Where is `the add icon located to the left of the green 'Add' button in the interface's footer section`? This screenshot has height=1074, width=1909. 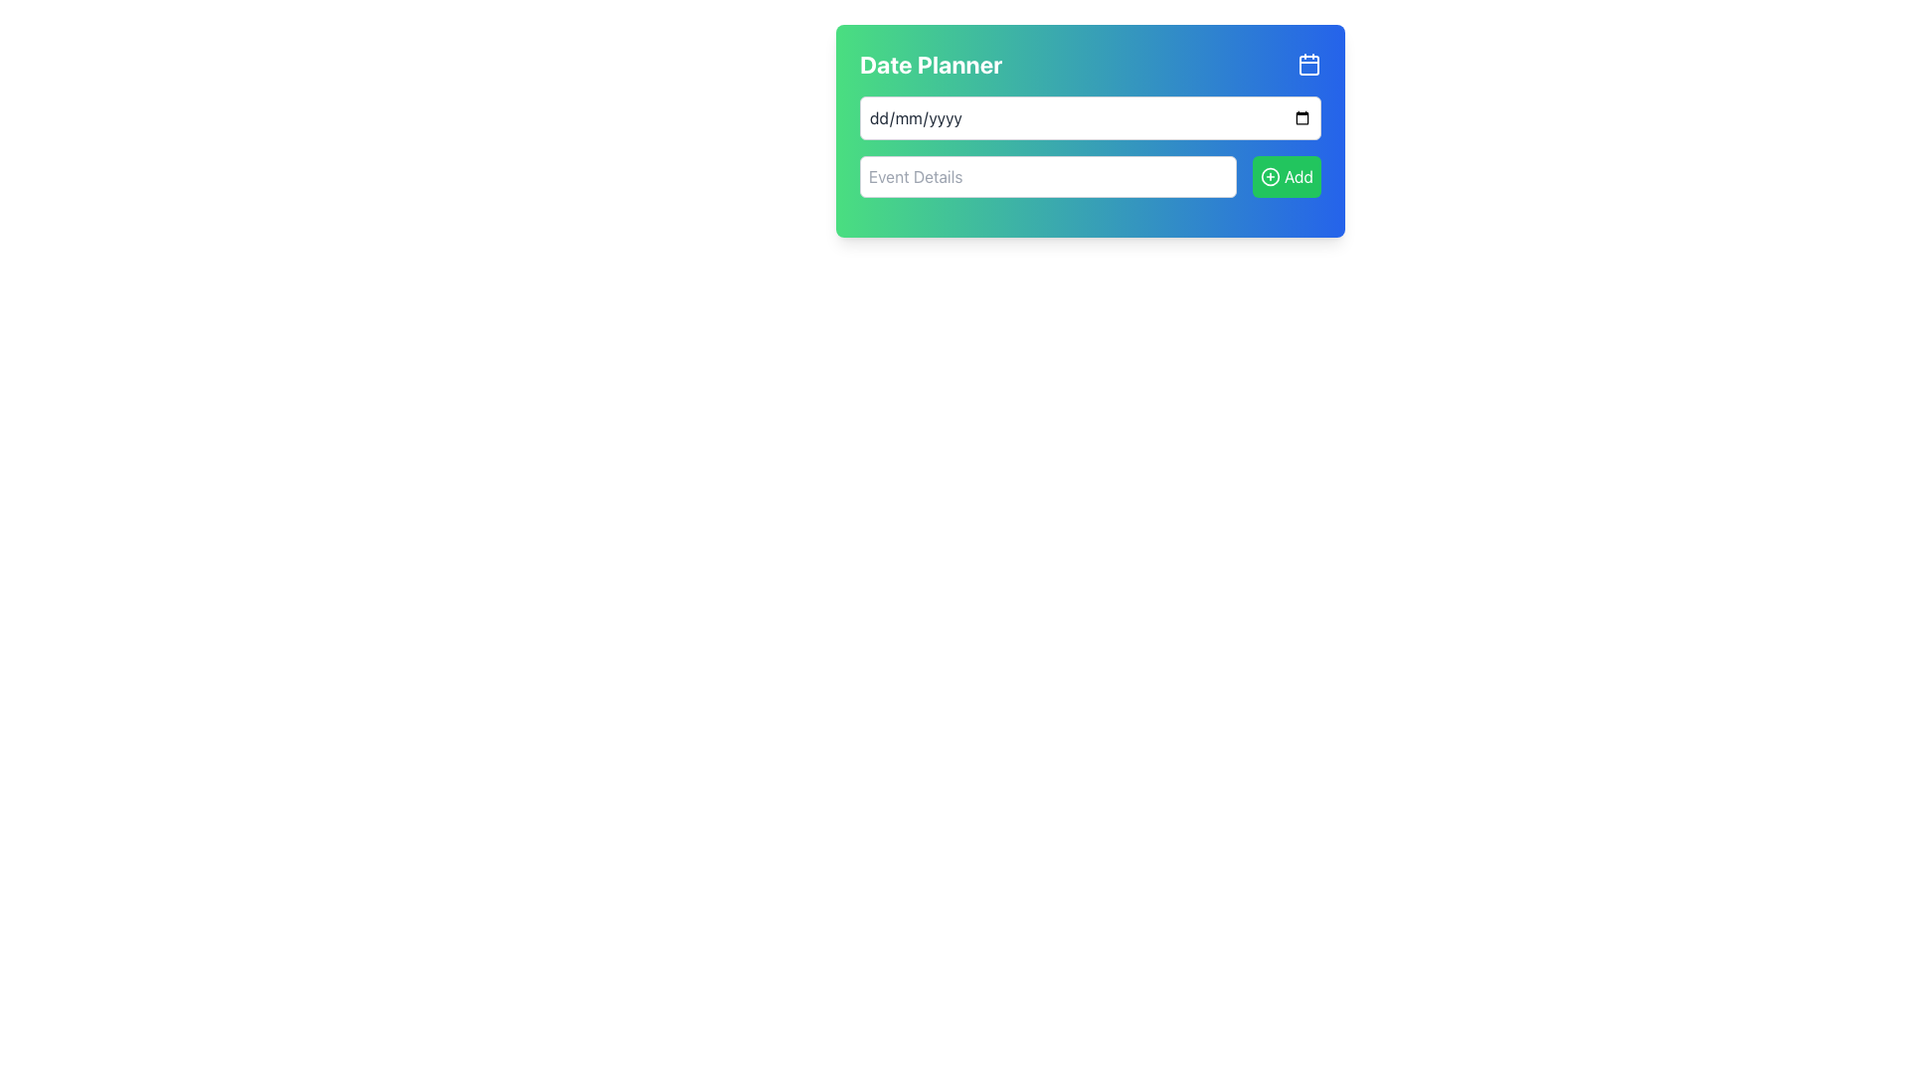
the add icon located to the left of the green 'Add' button in the interface's footer section is located at coordinates (1269, 175).